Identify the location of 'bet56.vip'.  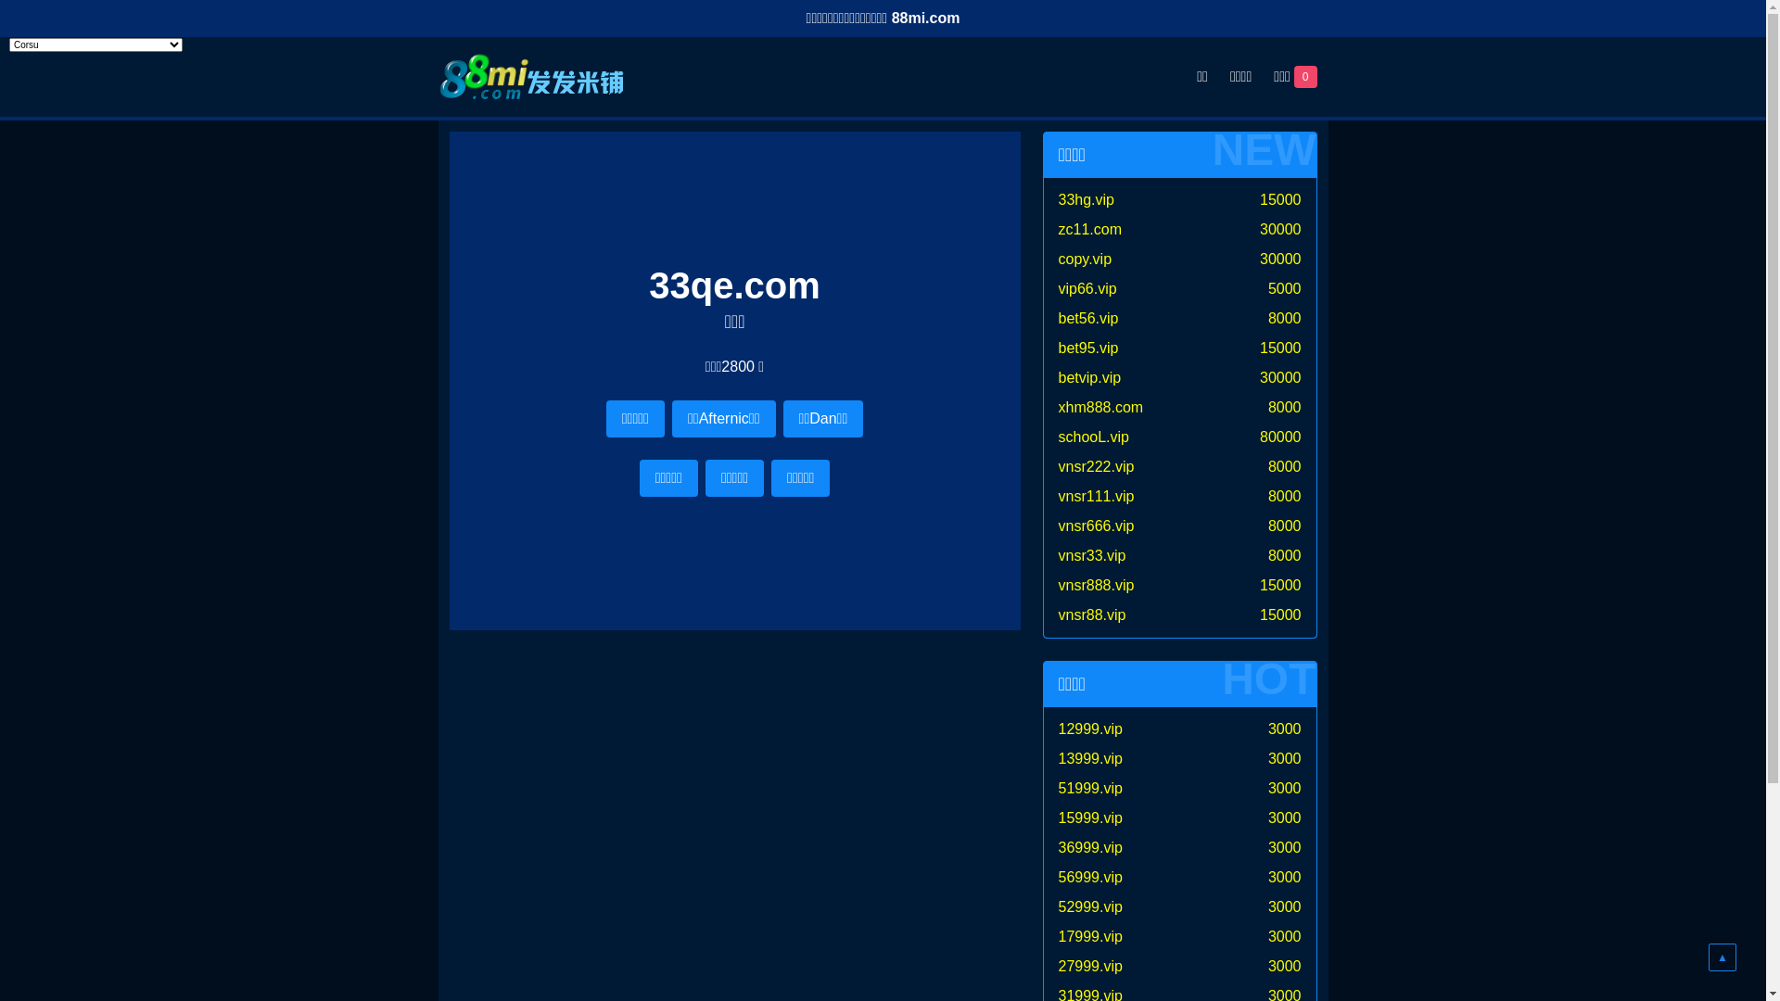
(1088, 317).